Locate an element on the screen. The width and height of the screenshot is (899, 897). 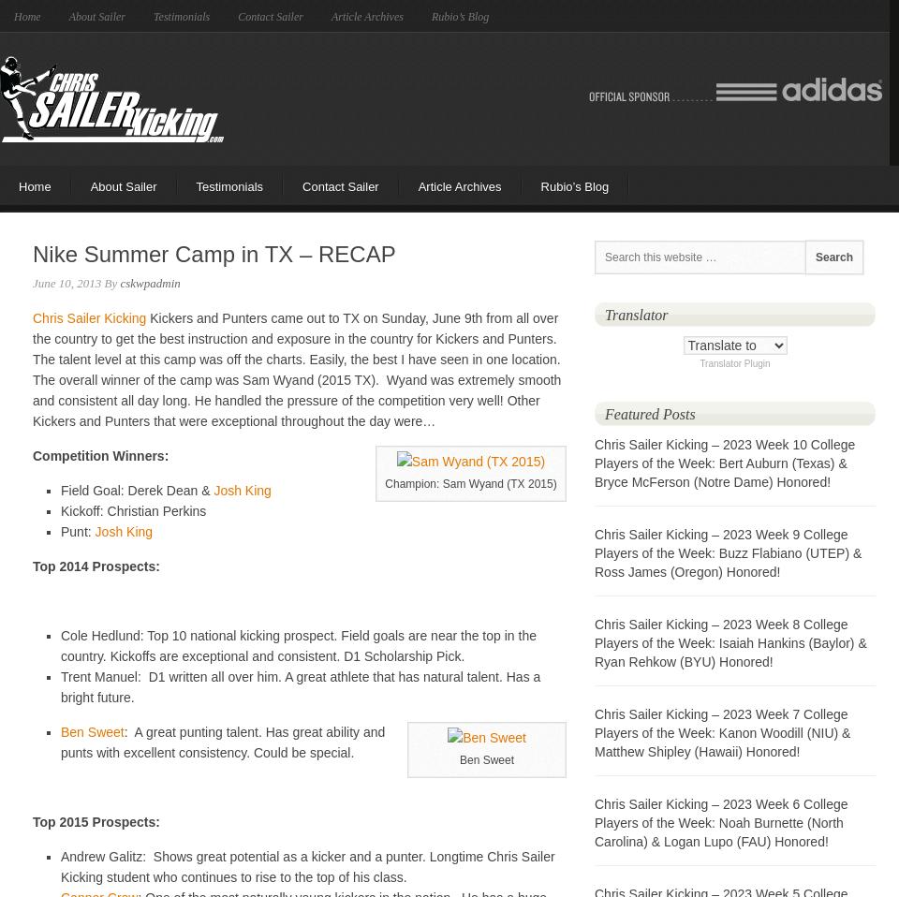
'Top 2014 Prospects:' is located at coordinates (96, 566).